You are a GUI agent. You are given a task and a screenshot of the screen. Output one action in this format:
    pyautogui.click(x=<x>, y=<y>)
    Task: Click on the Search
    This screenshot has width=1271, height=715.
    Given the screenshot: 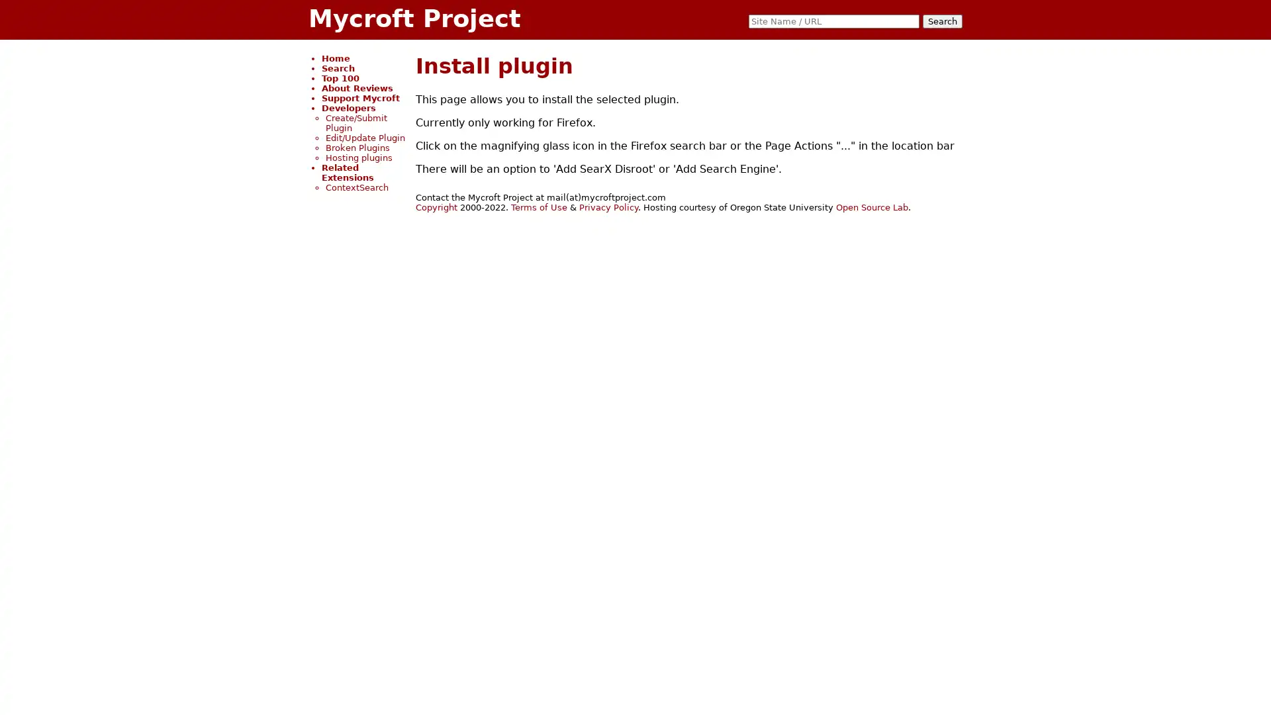 What is the action you would take?
    pyautogui.click(x=942, y=21)
    